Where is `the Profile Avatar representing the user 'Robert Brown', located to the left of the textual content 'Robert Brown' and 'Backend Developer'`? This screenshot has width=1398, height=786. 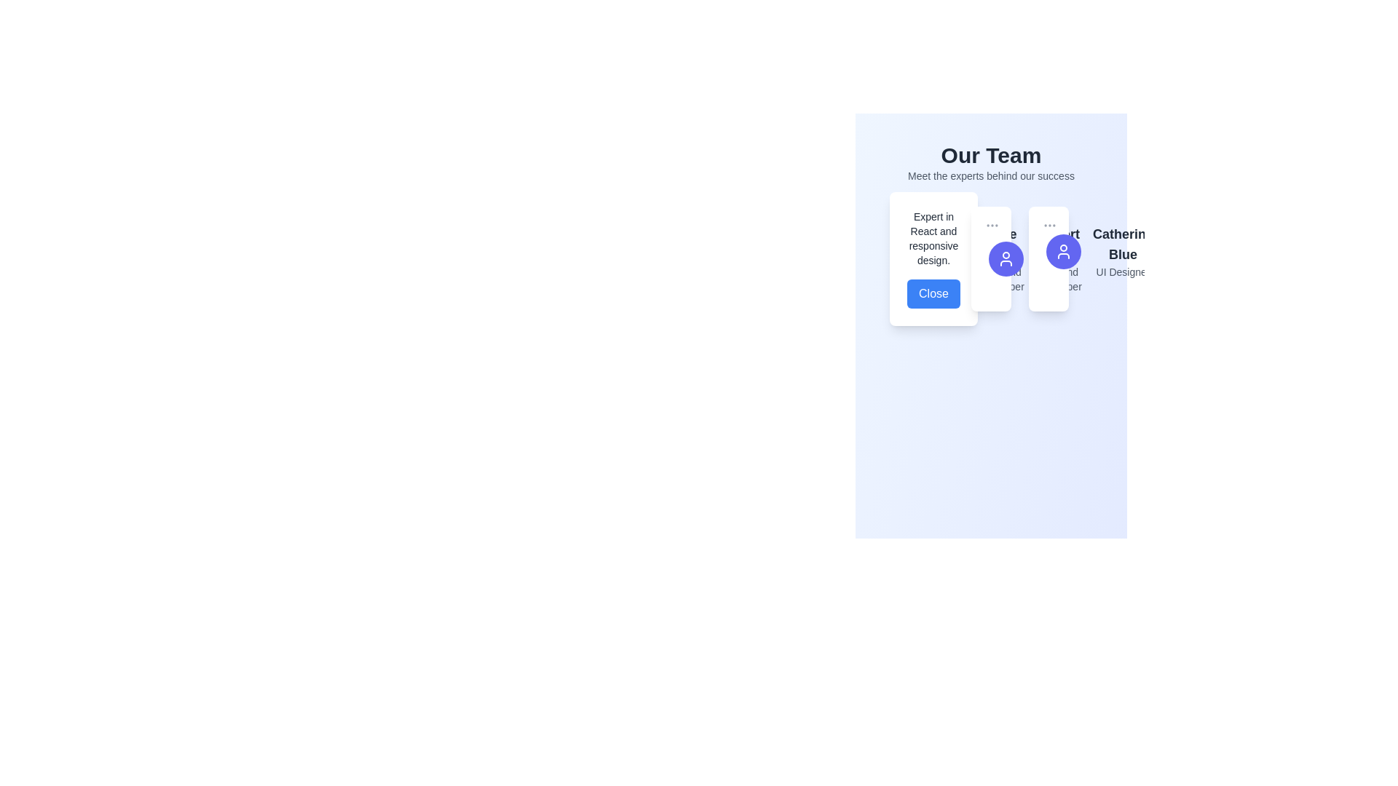
the Profile Avatar representing the user 'Robert Brown', located to the left of the textual content 'Robert Brown' and 'Backend Developer' is located at coordinates (1006, 258).